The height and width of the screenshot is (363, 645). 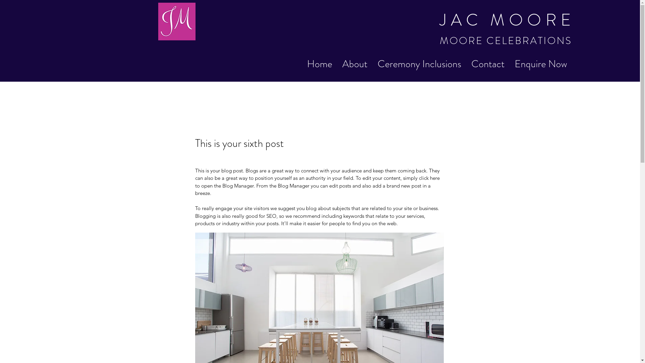 I want to click on 'About', so click(x=337, y=64).